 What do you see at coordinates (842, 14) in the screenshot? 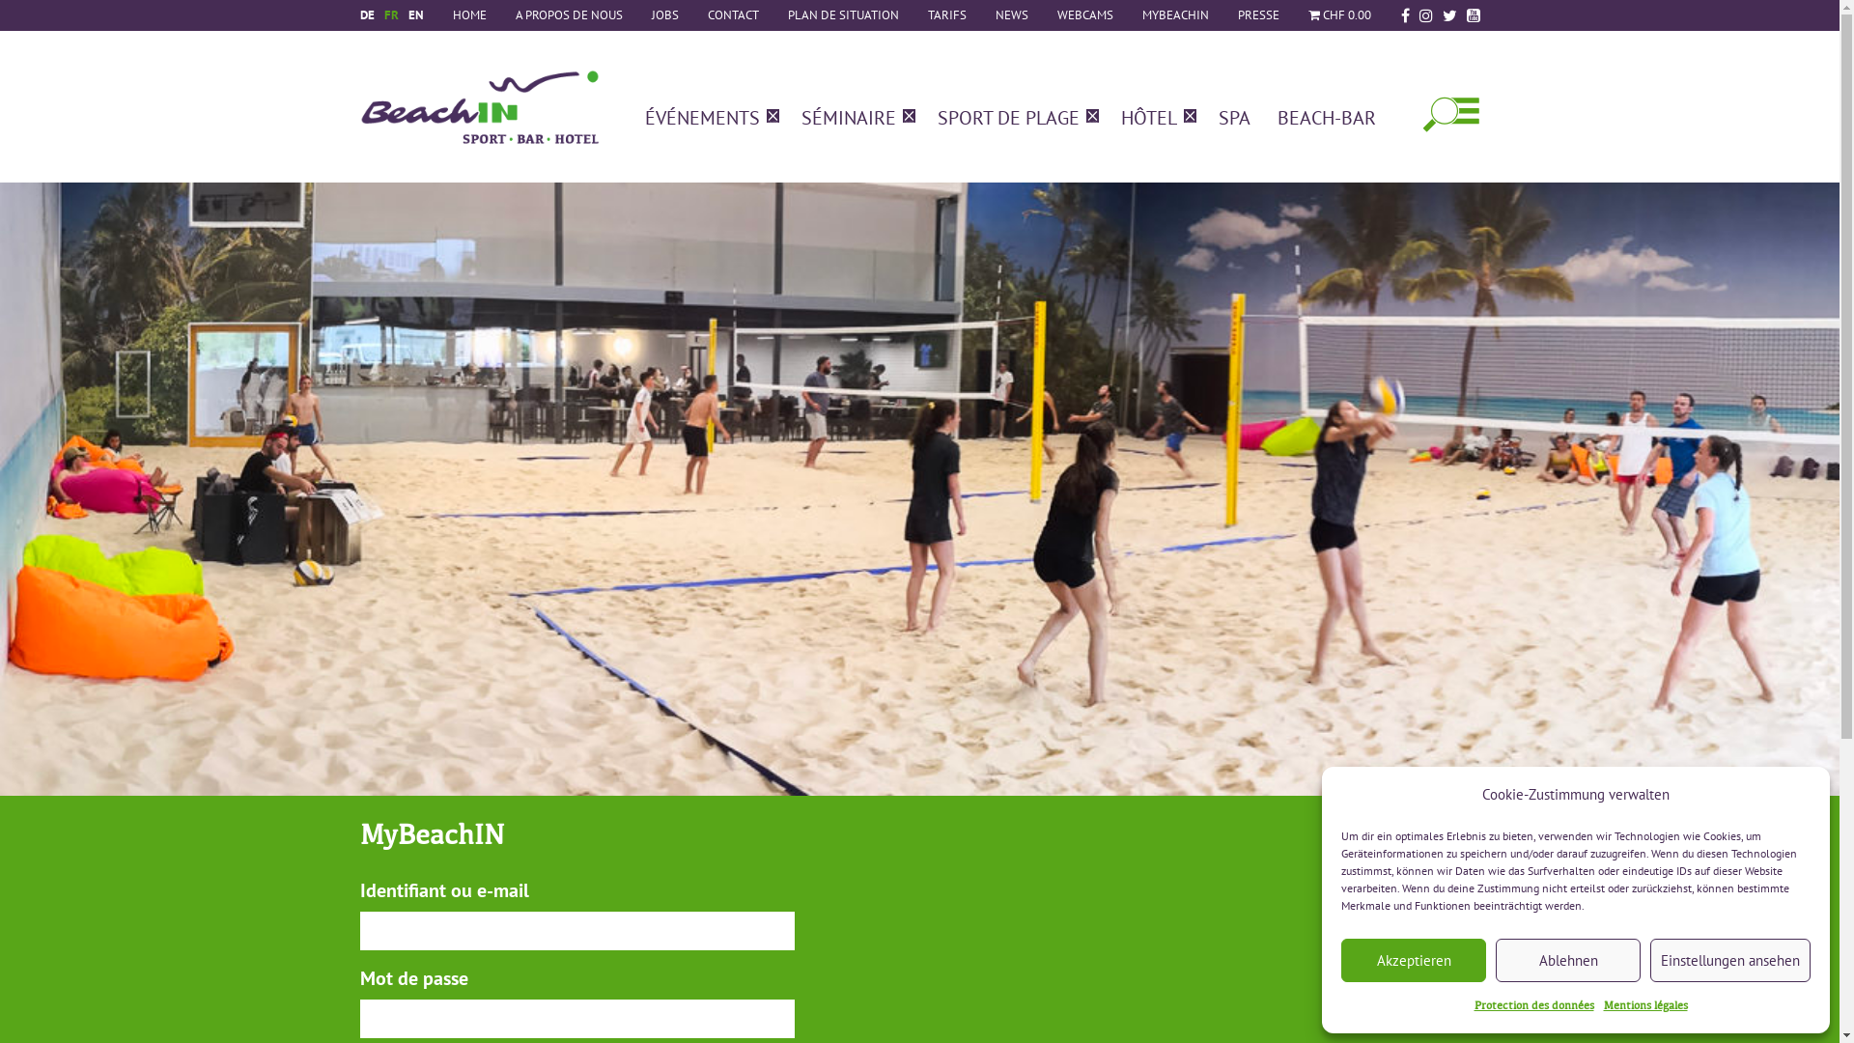
I see `'PLAN DE SITUATION'` at bounding box center [842, 14].